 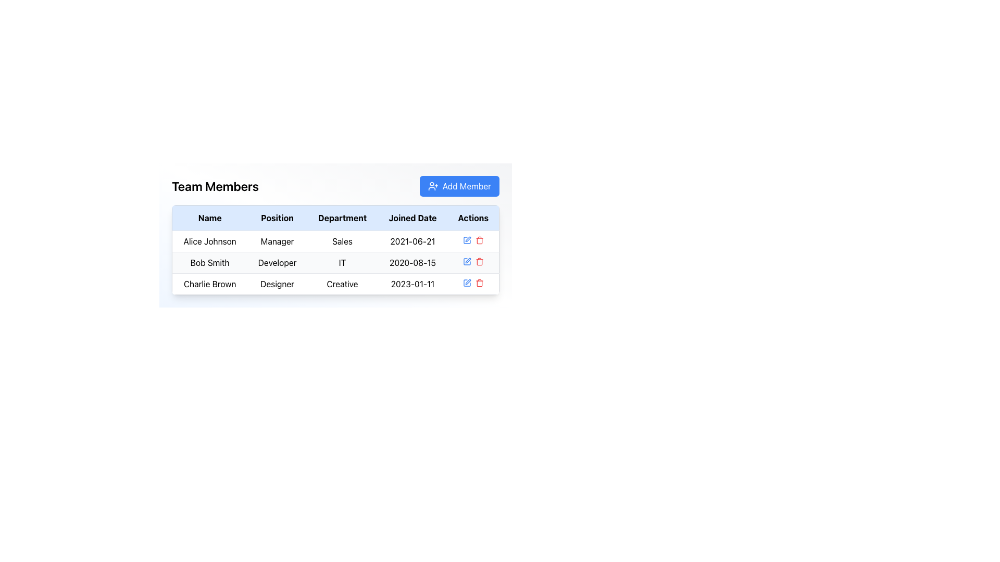 I want to click on the pencil icon in the 'Actions' column of the second row in the 'Team Members' table, so click(x=467, y=239).